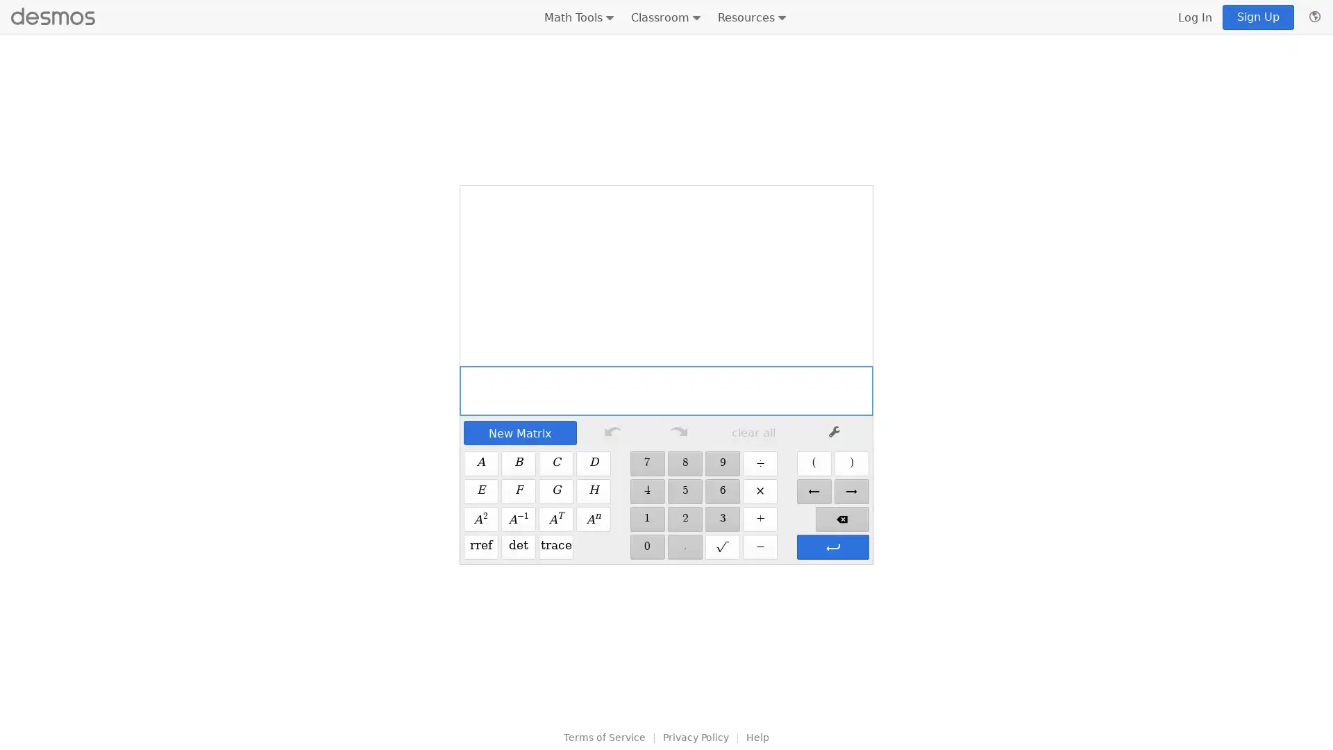 This screenshot has width=1333, height=750. What do you see at coordinates (612, 432) in the screenshot?
I see `undo` at bounding box center [612, 432].